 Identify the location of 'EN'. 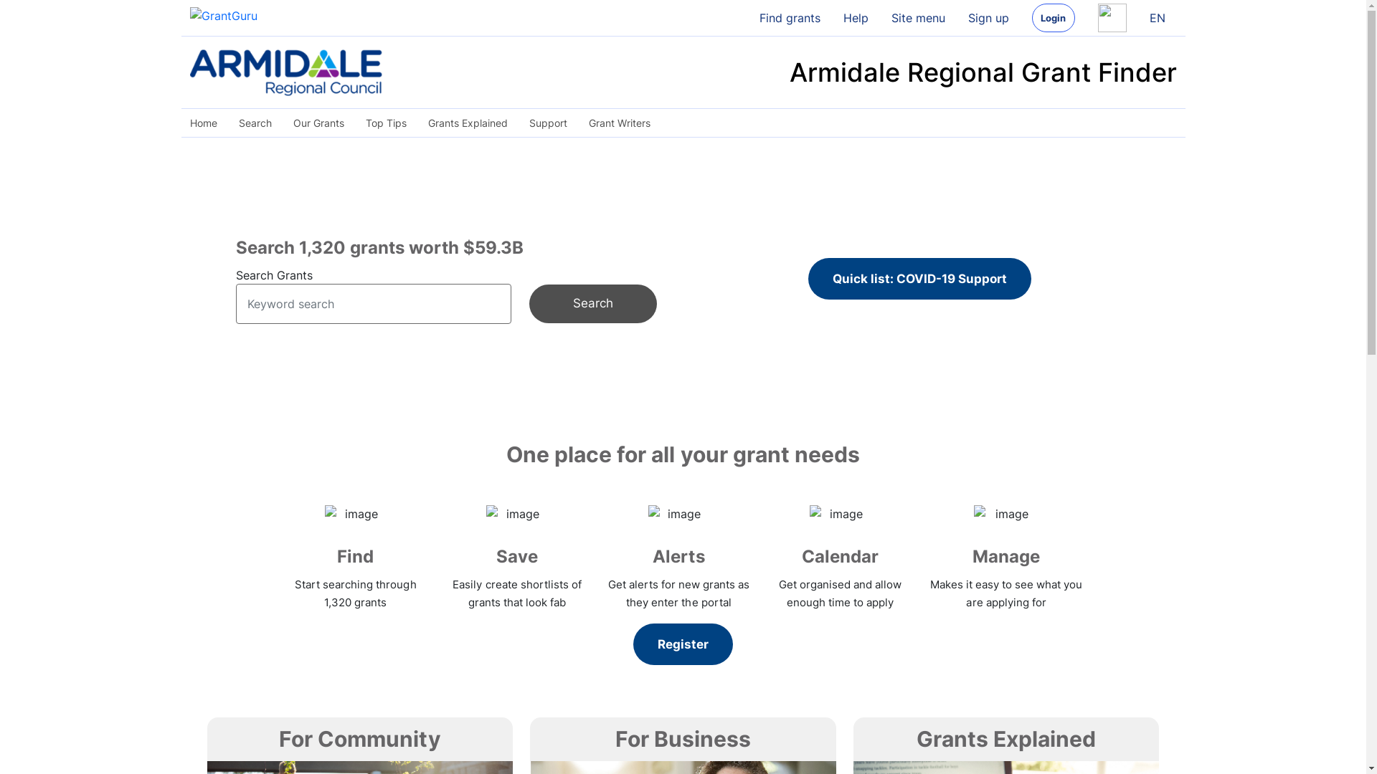
(1156, 17).